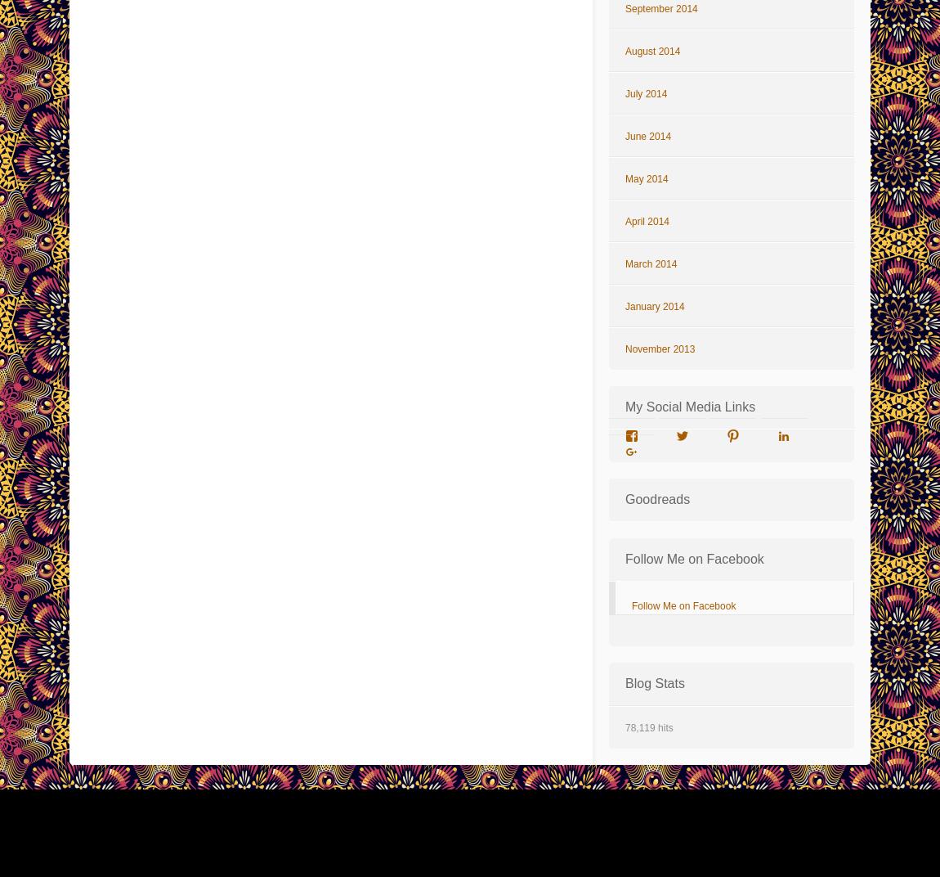 The width and height of the screenshot is (940, 877). Describe the element at coordinates (647, 727) in the screenshot. I see `'78,119 hits'` at that location.